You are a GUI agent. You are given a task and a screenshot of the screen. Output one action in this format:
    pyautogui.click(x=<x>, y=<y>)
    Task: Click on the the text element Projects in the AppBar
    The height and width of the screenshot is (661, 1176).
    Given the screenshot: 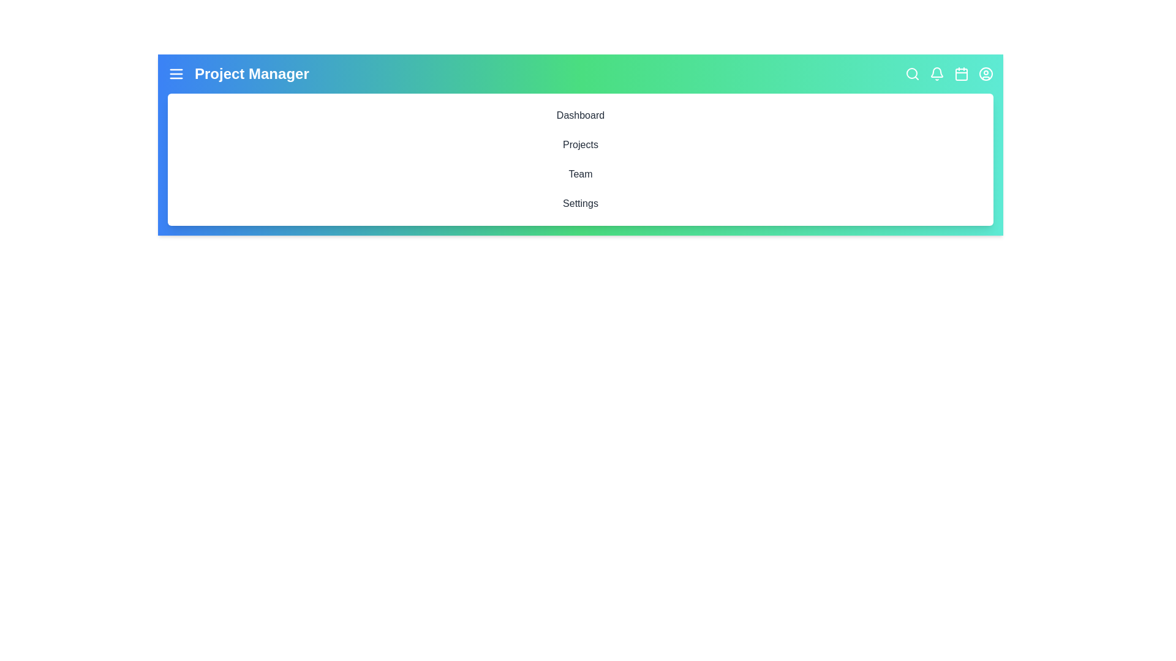 What is the action you would take?
    pyautogui.click(x=580, y=144)
    